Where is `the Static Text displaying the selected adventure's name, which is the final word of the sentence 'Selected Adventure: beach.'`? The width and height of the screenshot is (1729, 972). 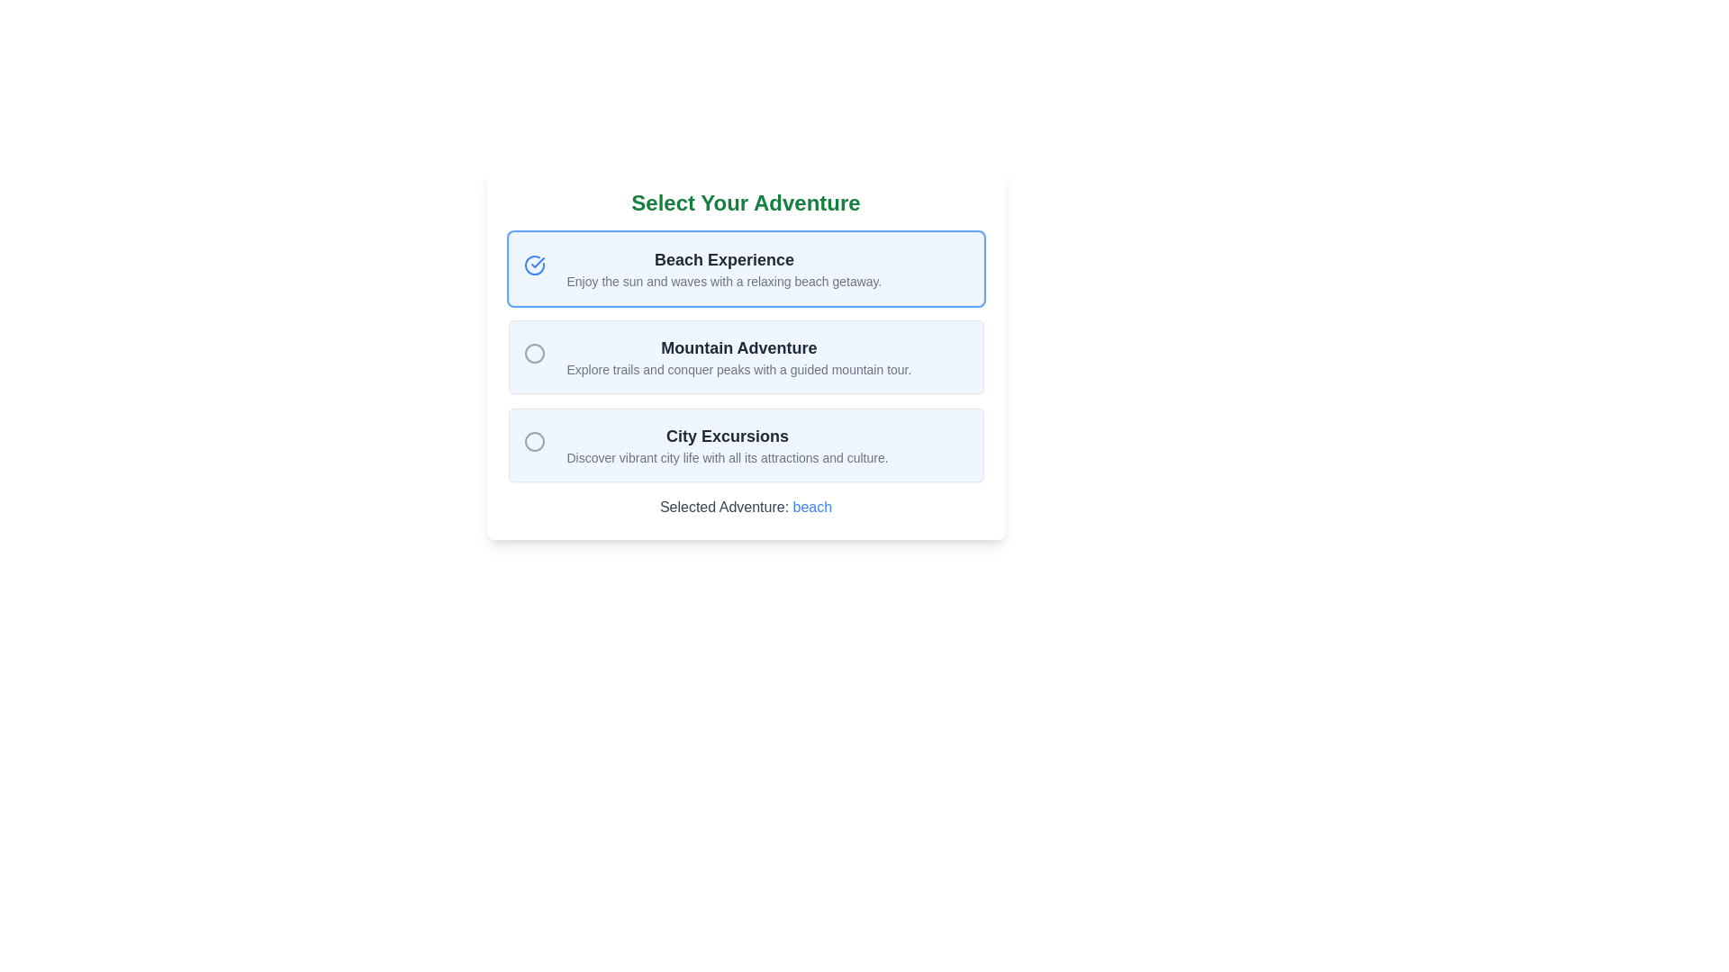
the Static Text displaying the selected adventure's name, which is the final word of the sentence 'Selected Adventure: beach.' is located at coordinates (811, 507).